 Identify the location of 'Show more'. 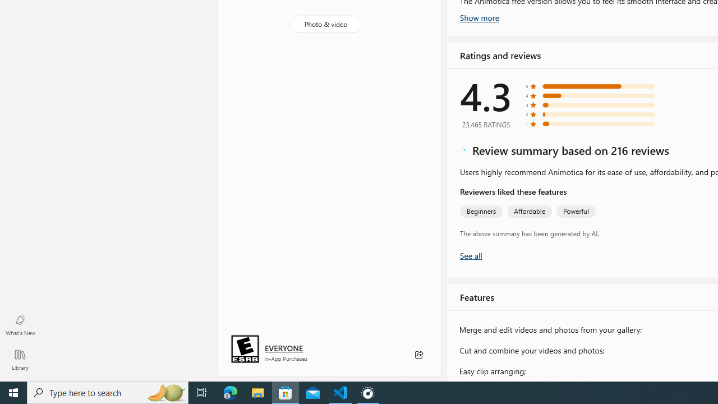
(480, 17).